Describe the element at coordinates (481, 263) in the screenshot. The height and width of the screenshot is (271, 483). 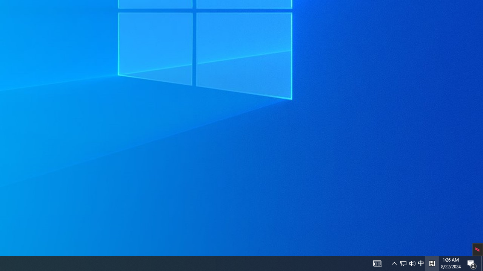
I see `'Show desktop'` at that location.